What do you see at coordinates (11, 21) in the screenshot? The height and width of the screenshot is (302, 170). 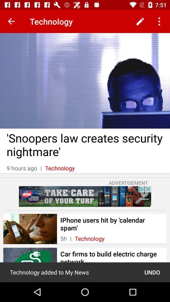 I see `go back` at bounding box center [11, 21].